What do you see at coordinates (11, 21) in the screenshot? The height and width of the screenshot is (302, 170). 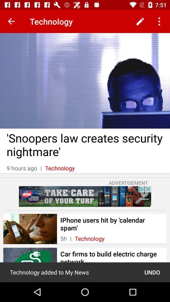 I see `go back` at bounding box center [11, 21].